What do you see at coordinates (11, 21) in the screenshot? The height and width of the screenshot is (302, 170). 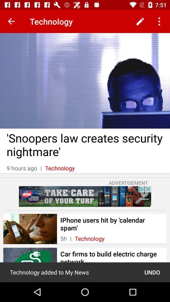 I see `go back` at bounding box center [11, 21].